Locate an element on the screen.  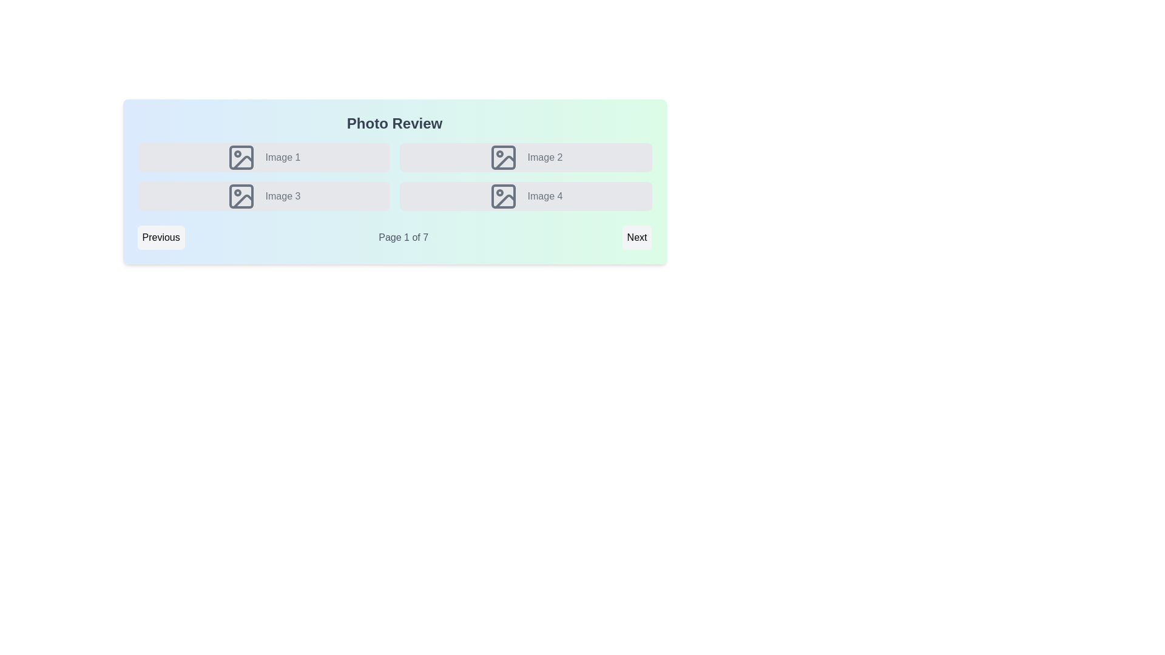
the 'Next' button located at the bottom right corner of the interface to change its background color is located at coordinates (637, 238).